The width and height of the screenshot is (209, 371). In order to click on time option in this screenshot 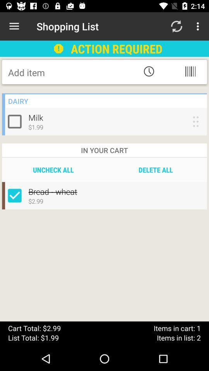, I will do `click(149, 71)`.